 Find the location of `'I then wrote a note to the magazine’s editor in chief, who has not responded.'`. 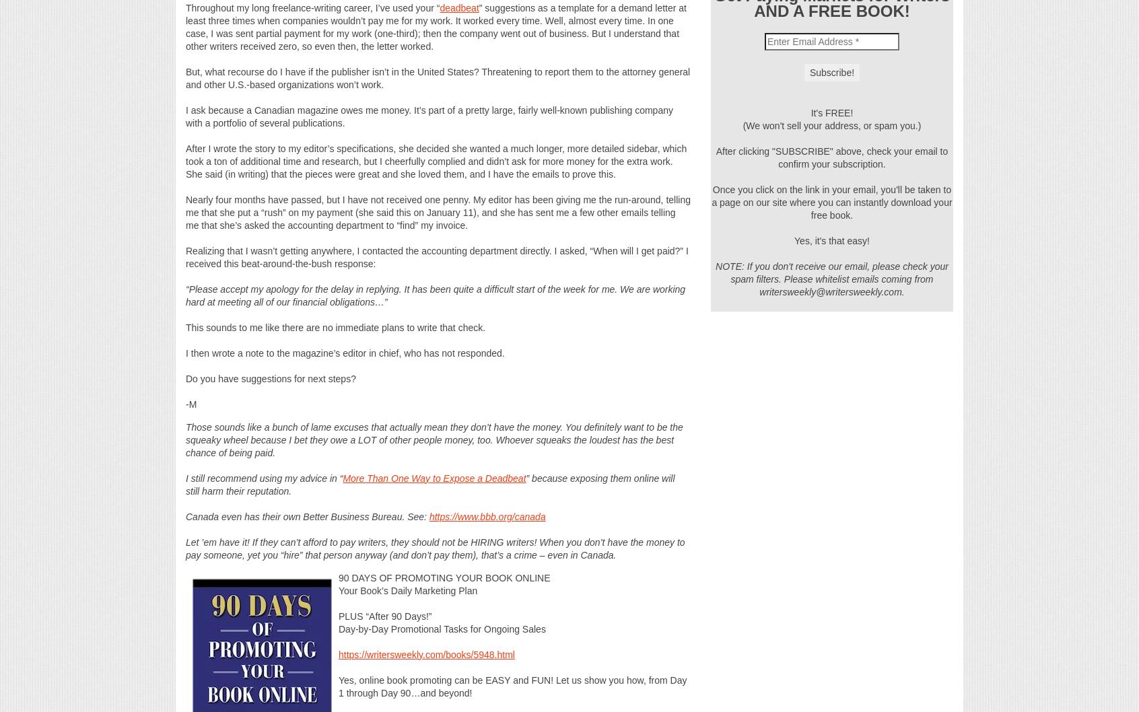

'I then wrote a note to the magazine’s editor in chief, who has not responded.' is located at coordinates (345, 352).